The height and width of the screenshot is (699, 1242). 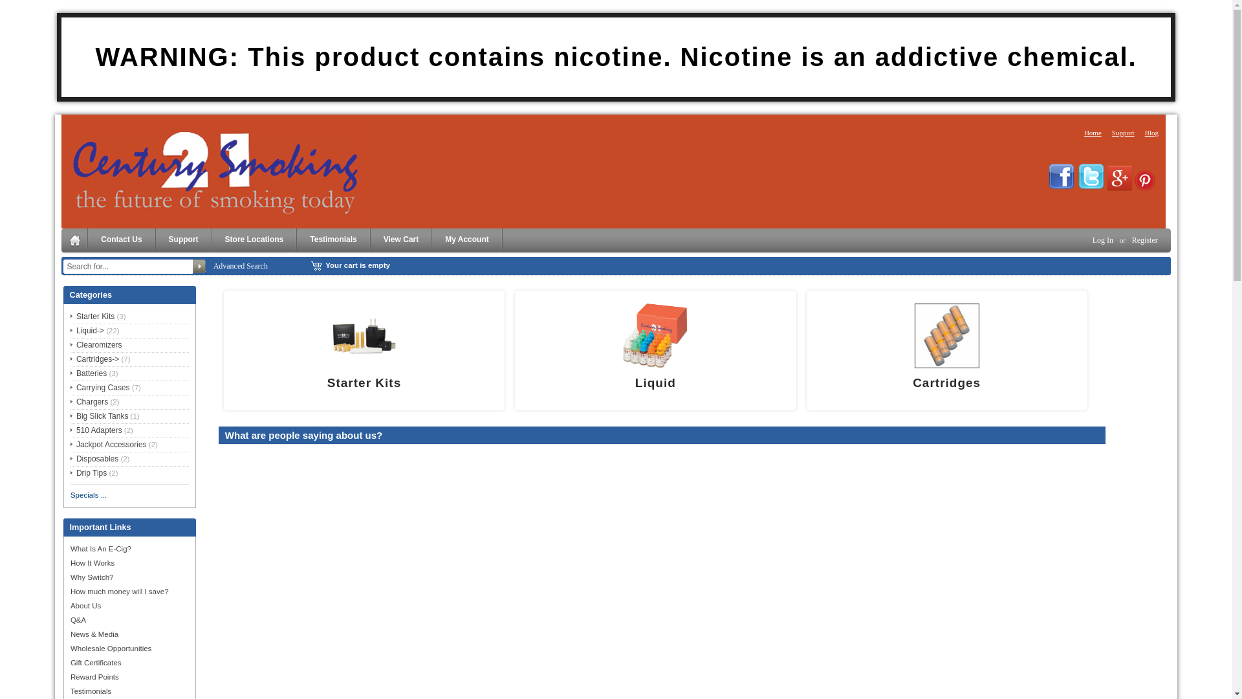 I want to click on '510 Adapters', so click(x=70, y=430).